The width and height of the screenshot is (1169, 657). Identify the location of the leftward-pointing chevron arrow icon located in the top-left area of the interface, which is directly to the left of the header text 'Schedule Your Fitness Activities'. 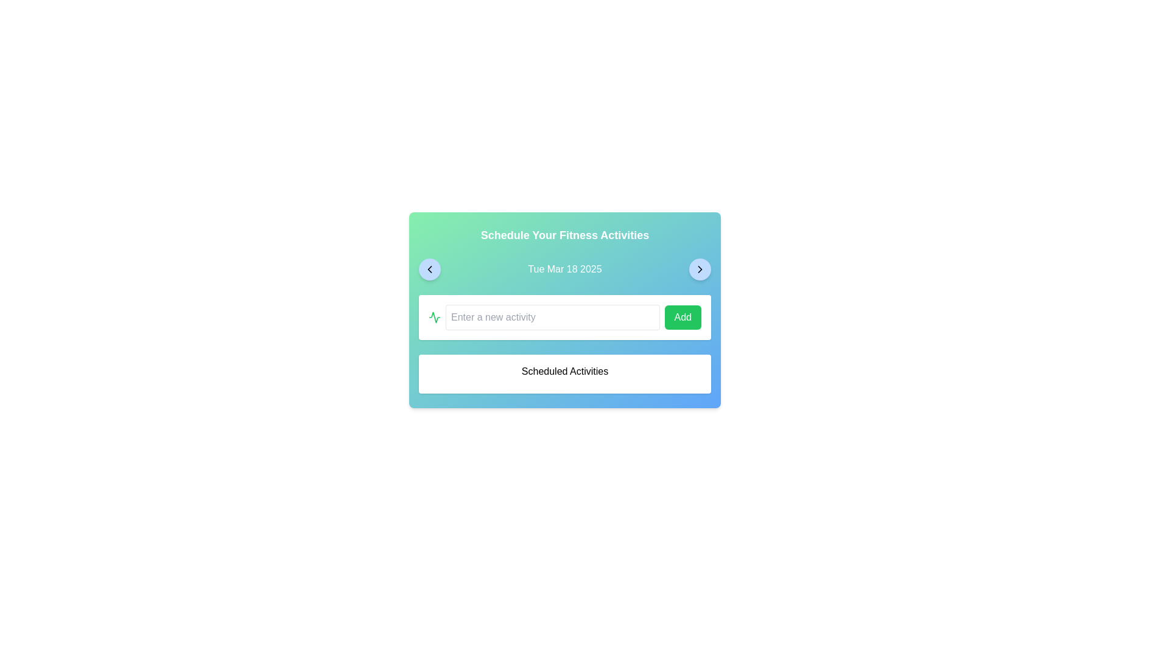
(429, 269).